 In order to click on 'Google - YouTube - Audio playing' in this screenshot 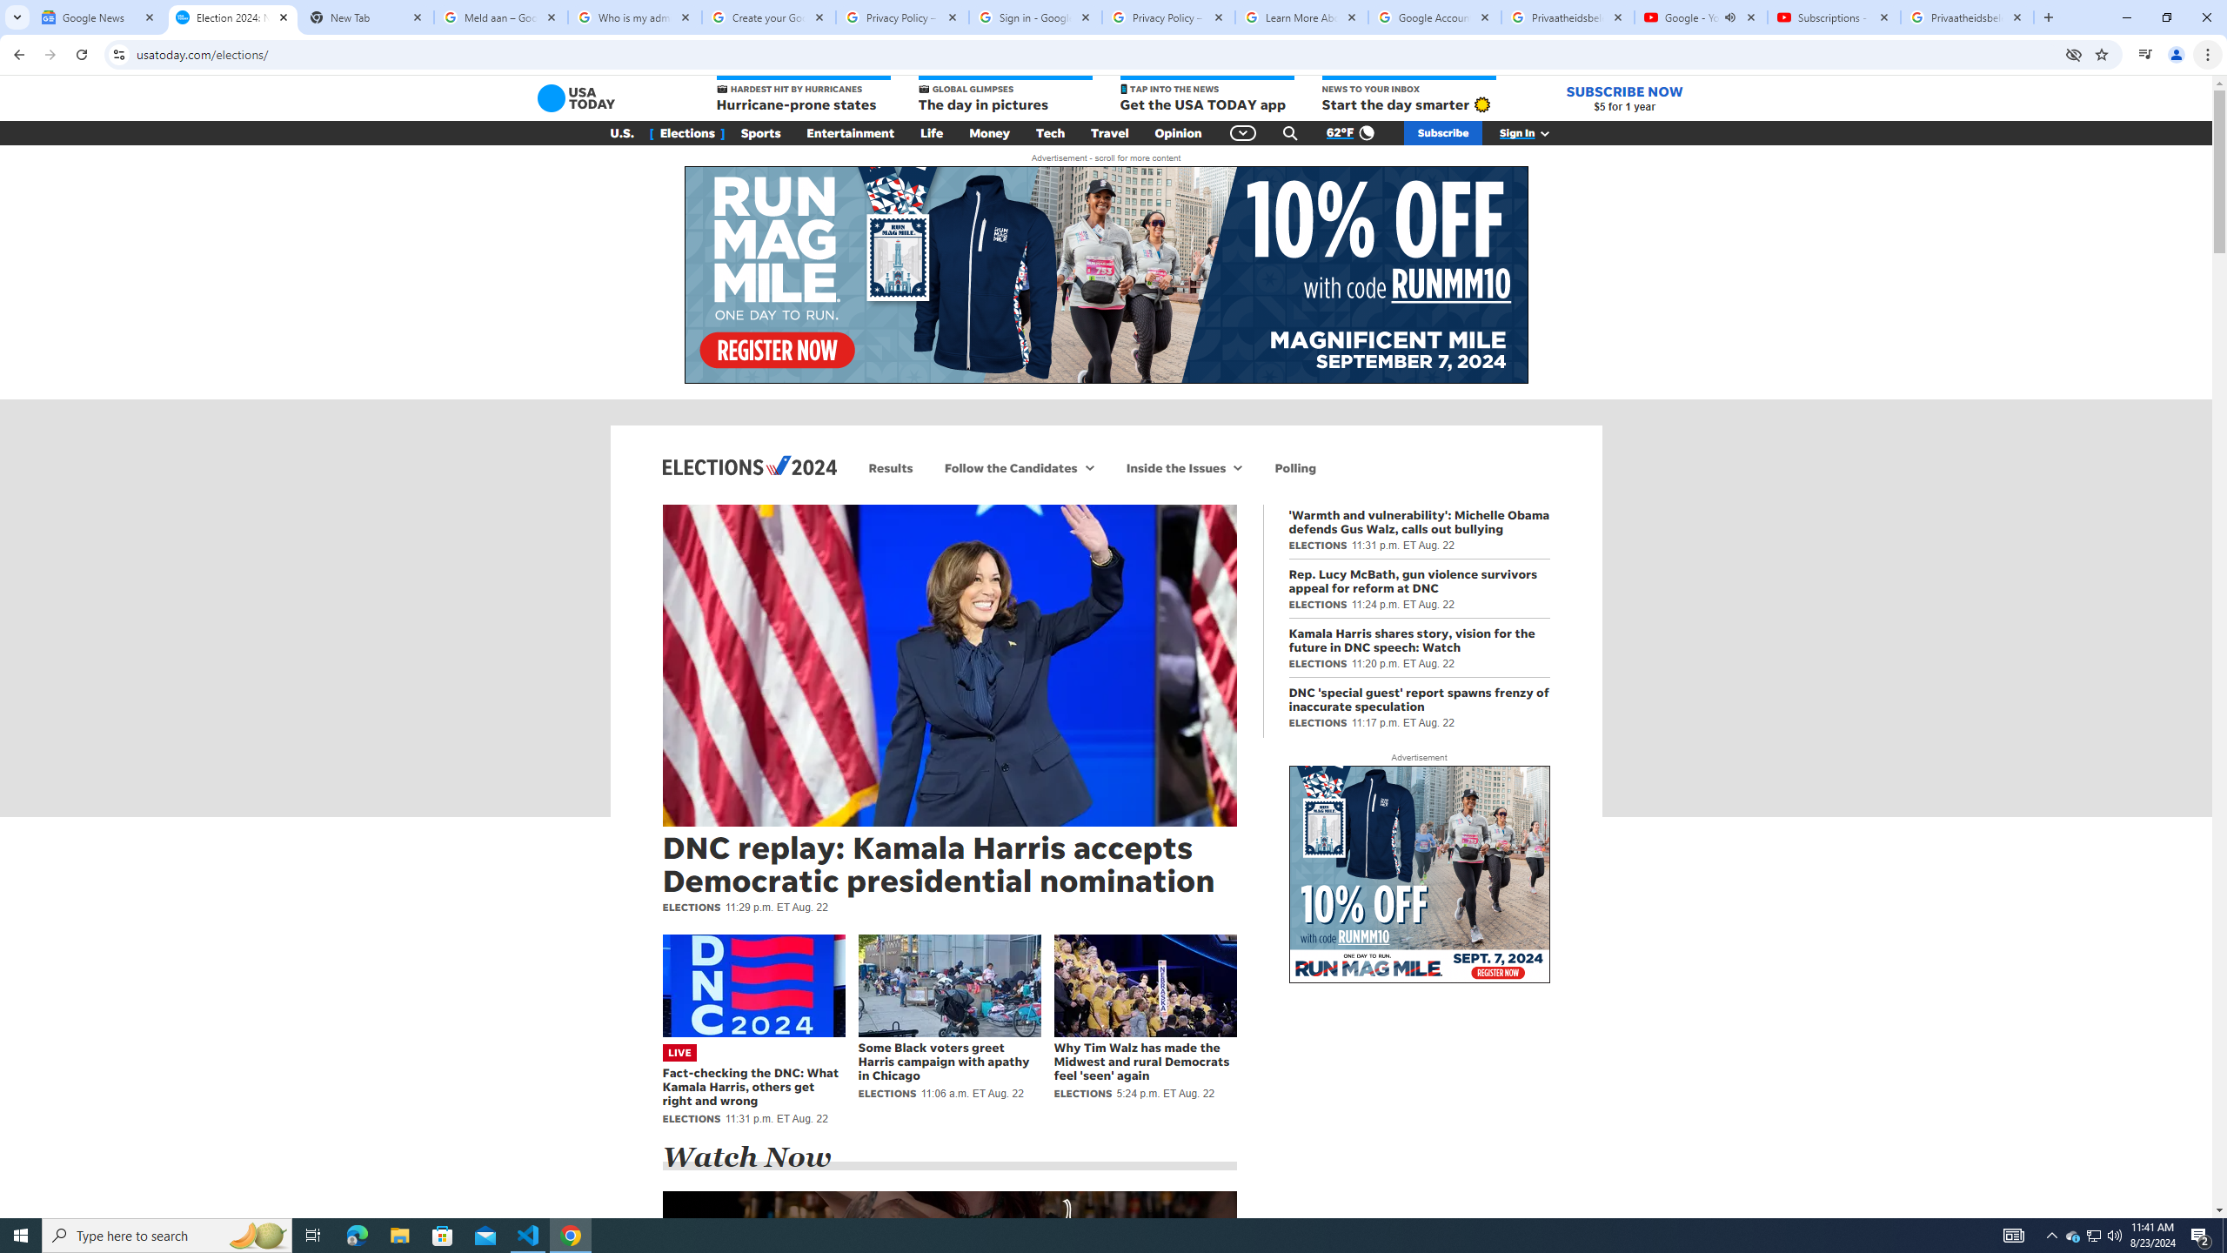, I will do `click(1699, 17)`.